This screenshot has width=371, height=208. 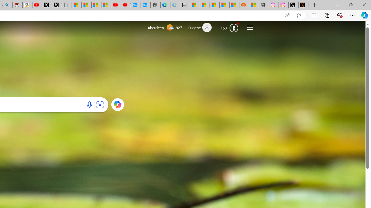 What do you see at coordinates (303, 5) in the screenshot?
I see `'help.x.com | 524: A timeout occurred'` at bounding box center [303, 5].